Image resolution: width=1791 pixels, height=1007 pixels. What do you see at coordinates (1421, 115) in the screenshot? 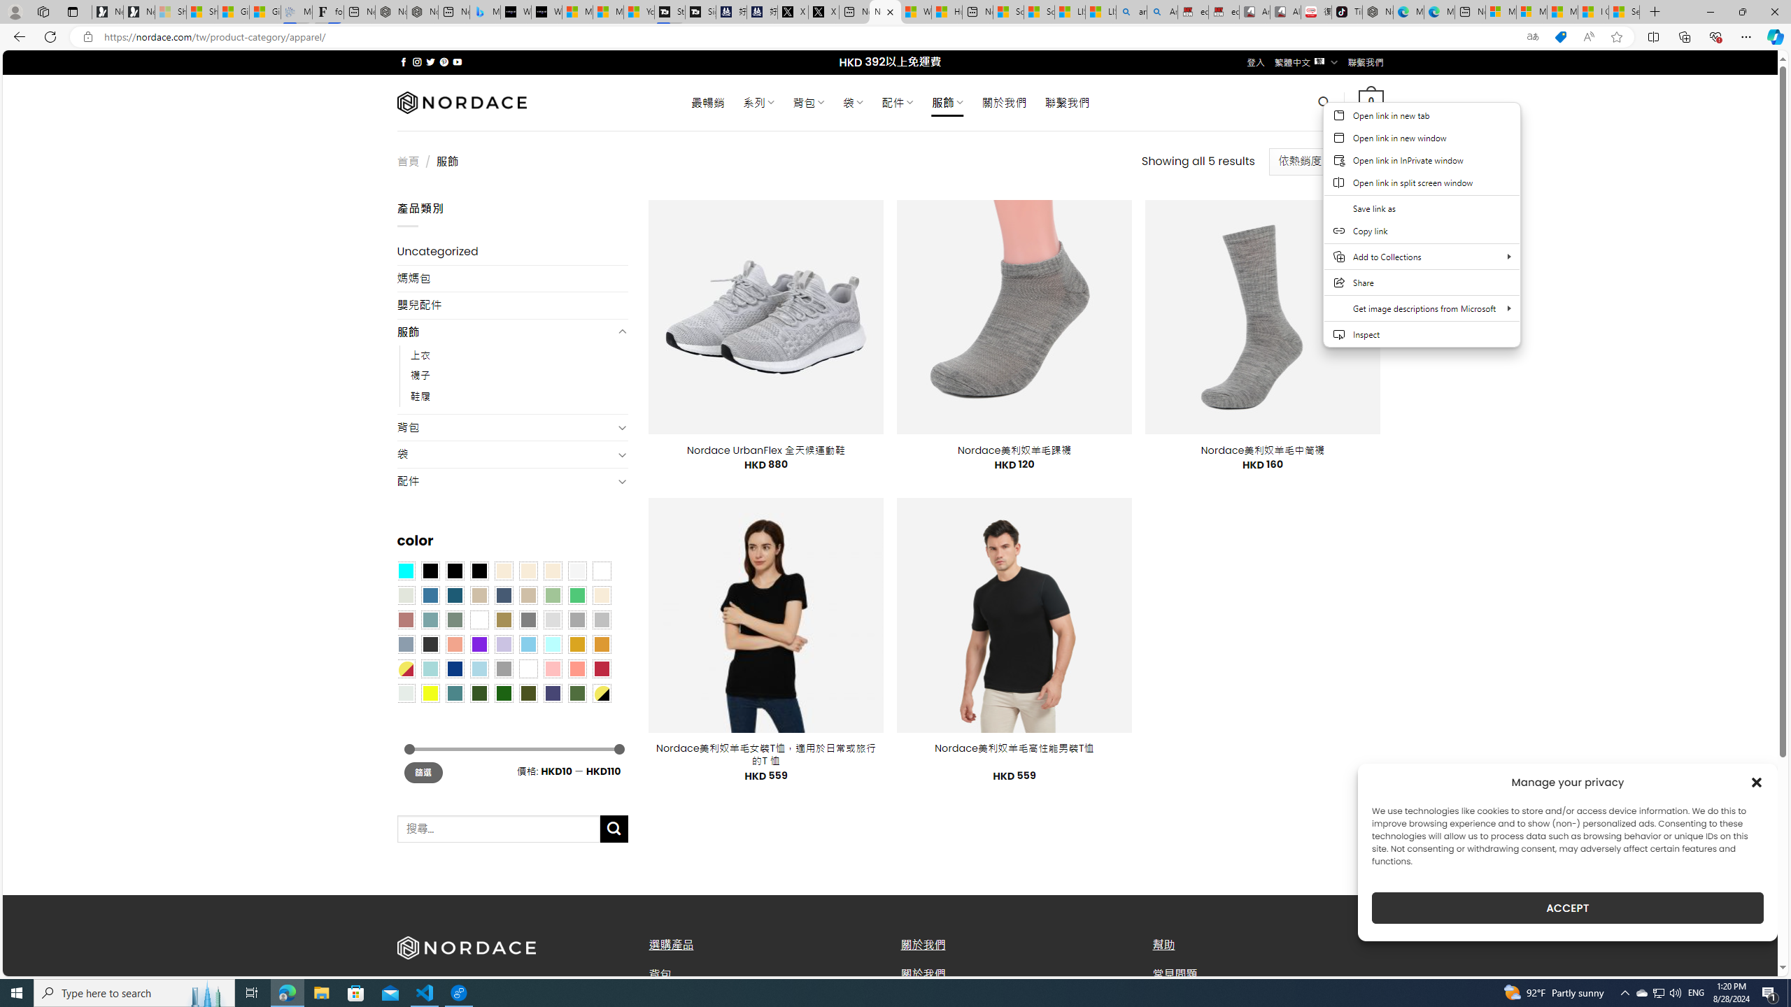
I see `'Open link in new tab'` at bounding box center [1421, 115].